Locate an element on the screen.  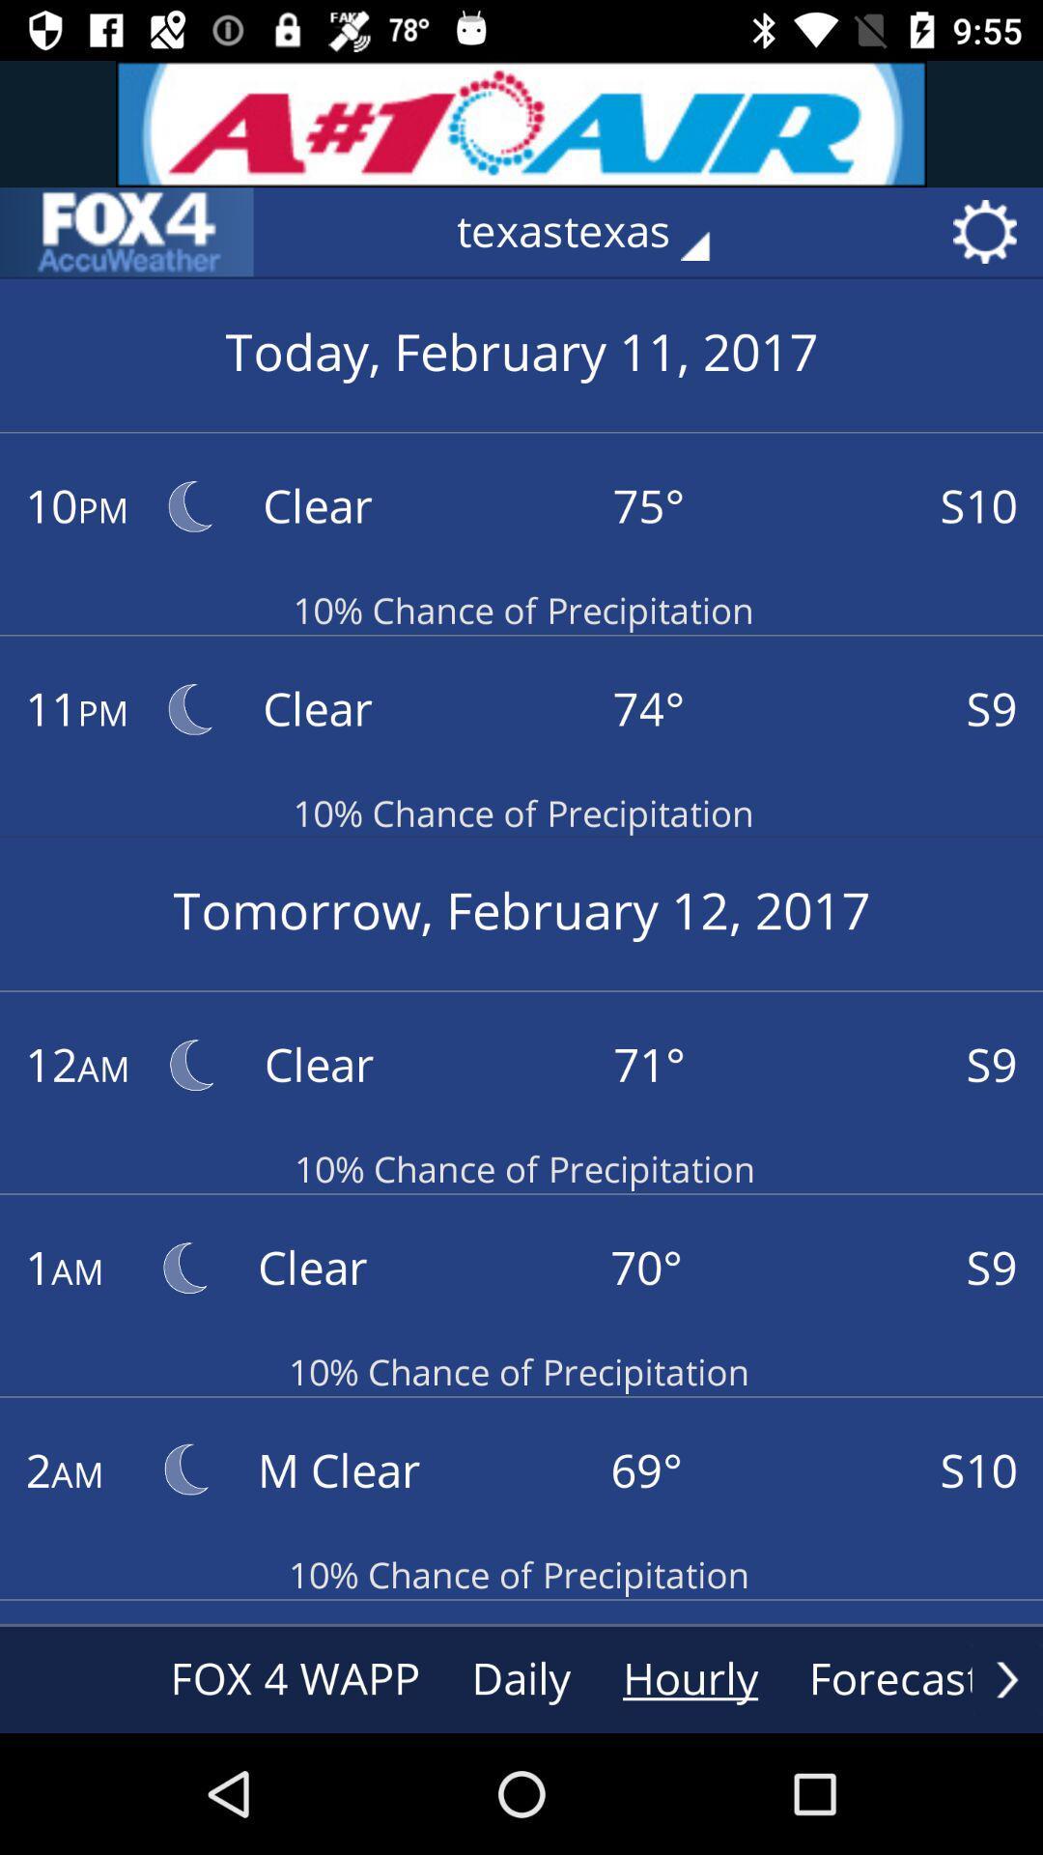
the arrow_forward icon is located at coordinates (1006, 1678).